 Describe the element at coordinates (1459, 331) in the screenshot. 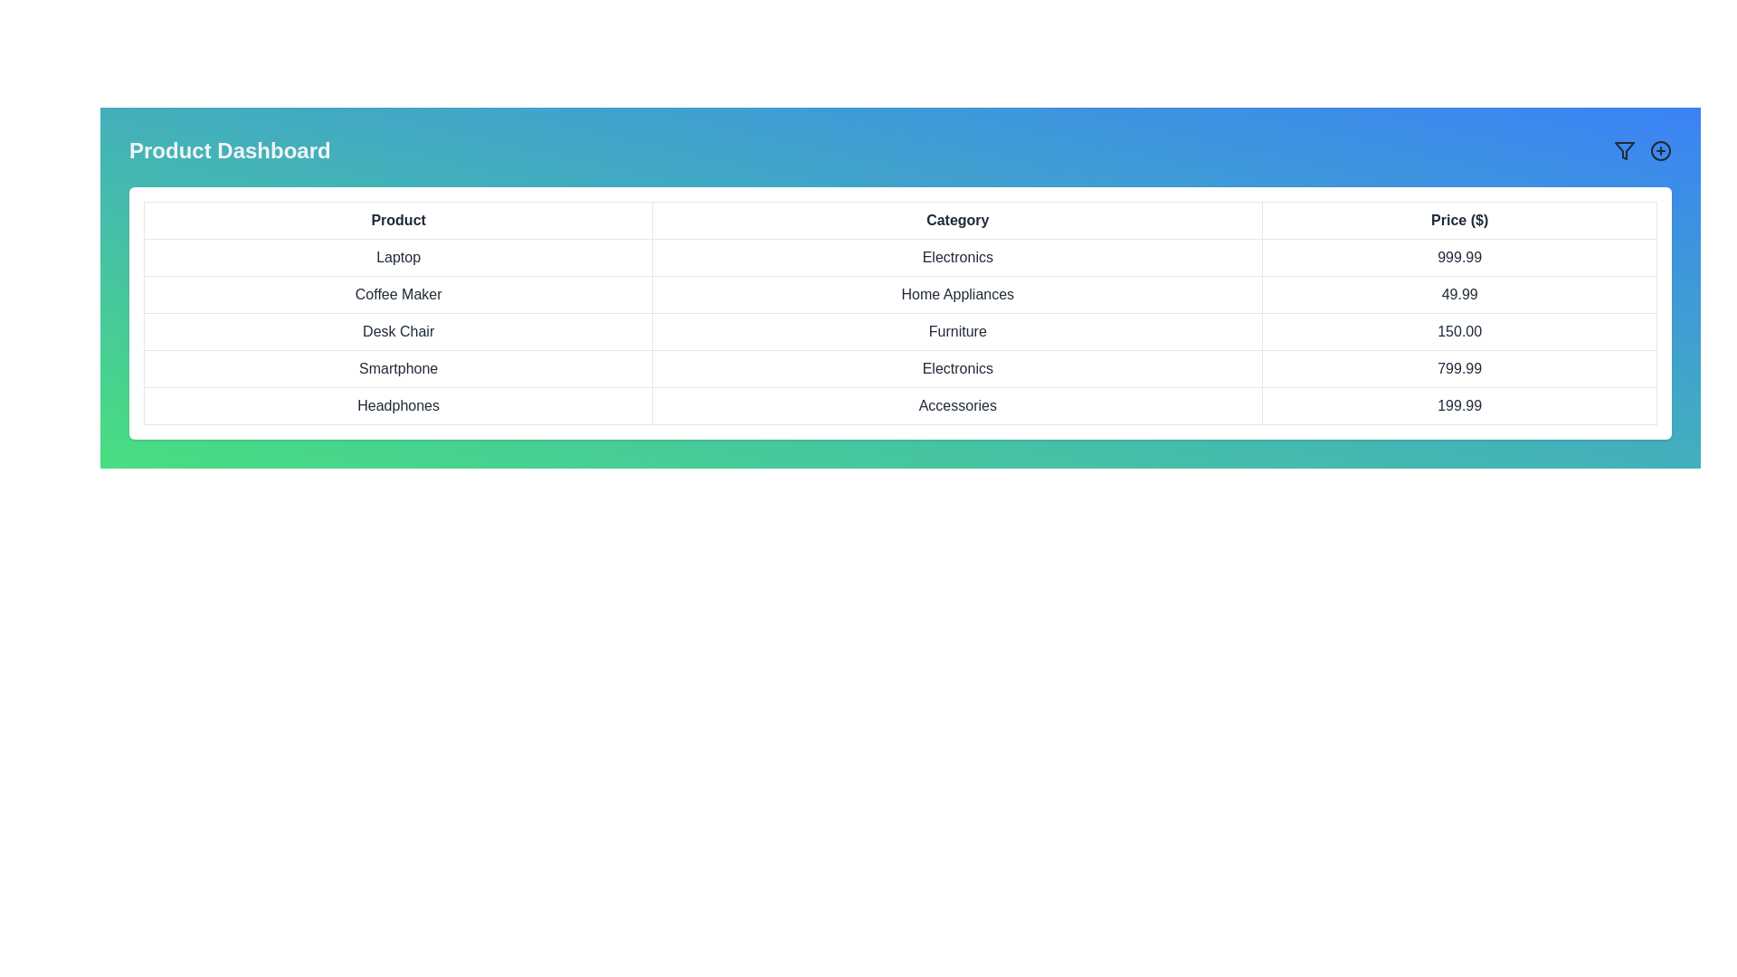

I see `the price data cell of the product 'Desk Chair' in the third row of the table, located in the last column labeled 'Price ($)'` at that location.